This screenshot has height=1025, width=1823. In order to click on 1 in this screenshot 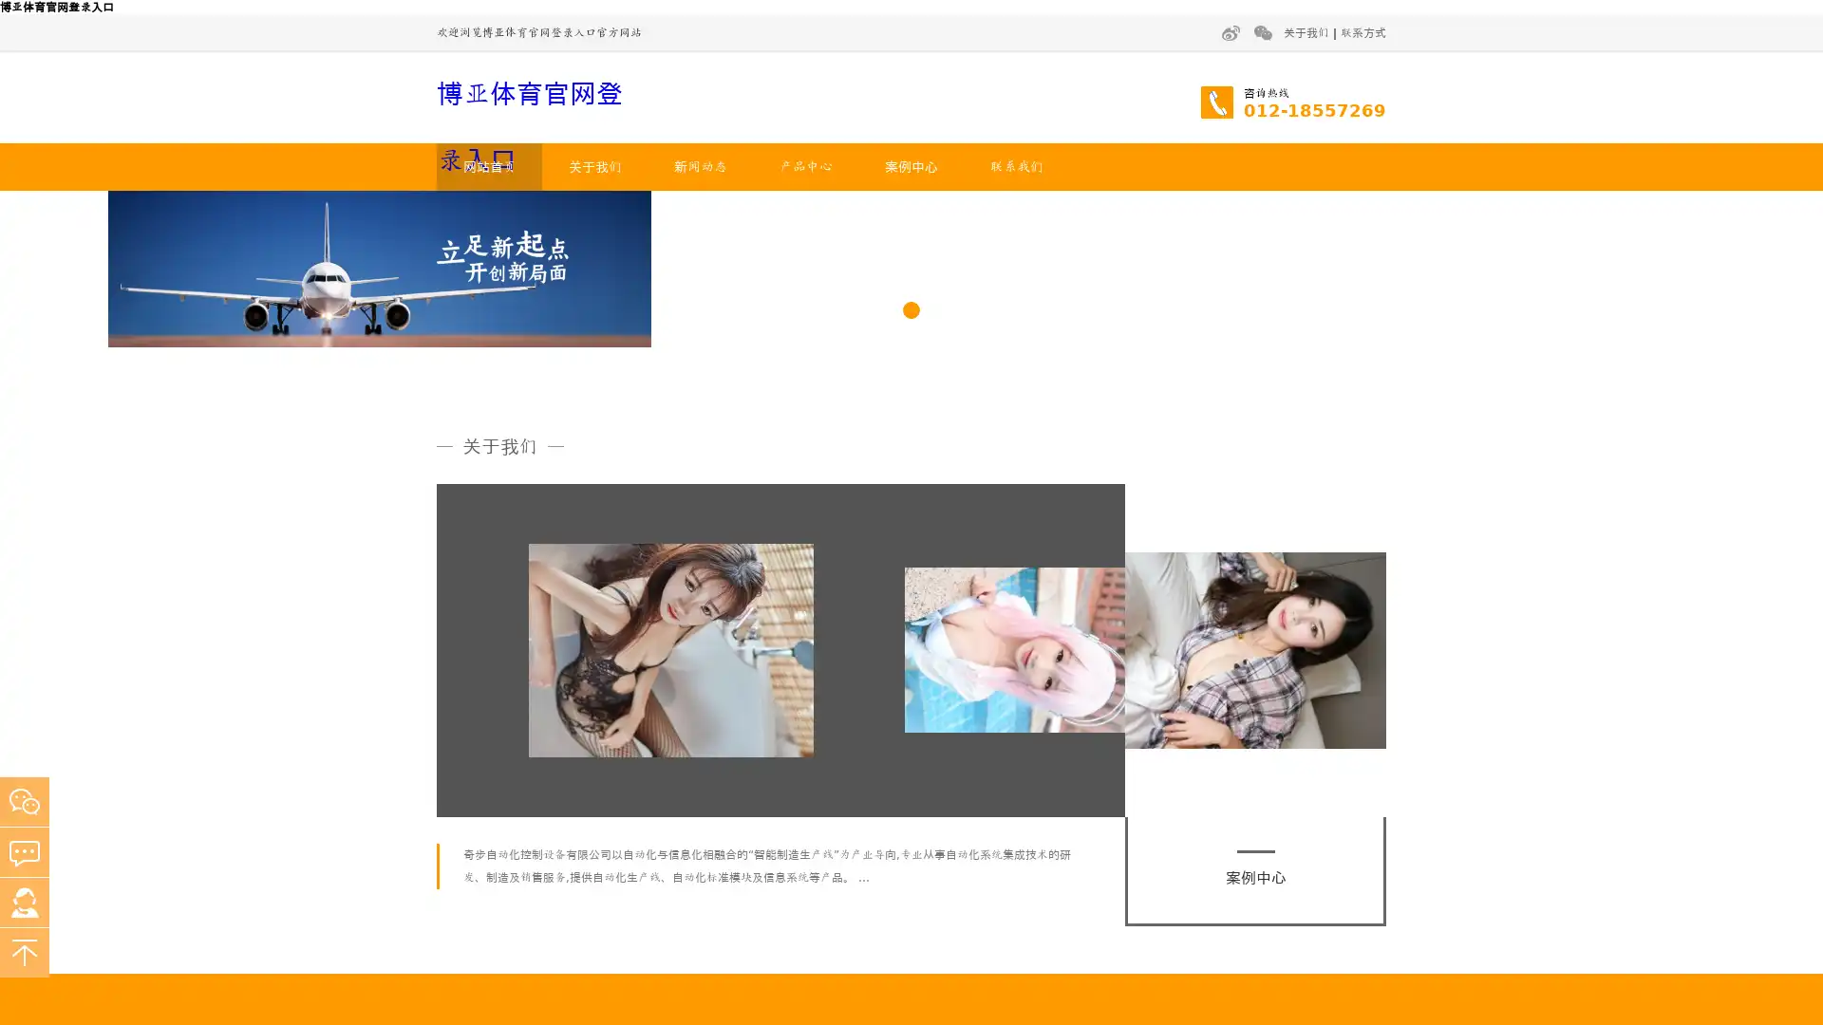, I will do `click(882, 528)`.